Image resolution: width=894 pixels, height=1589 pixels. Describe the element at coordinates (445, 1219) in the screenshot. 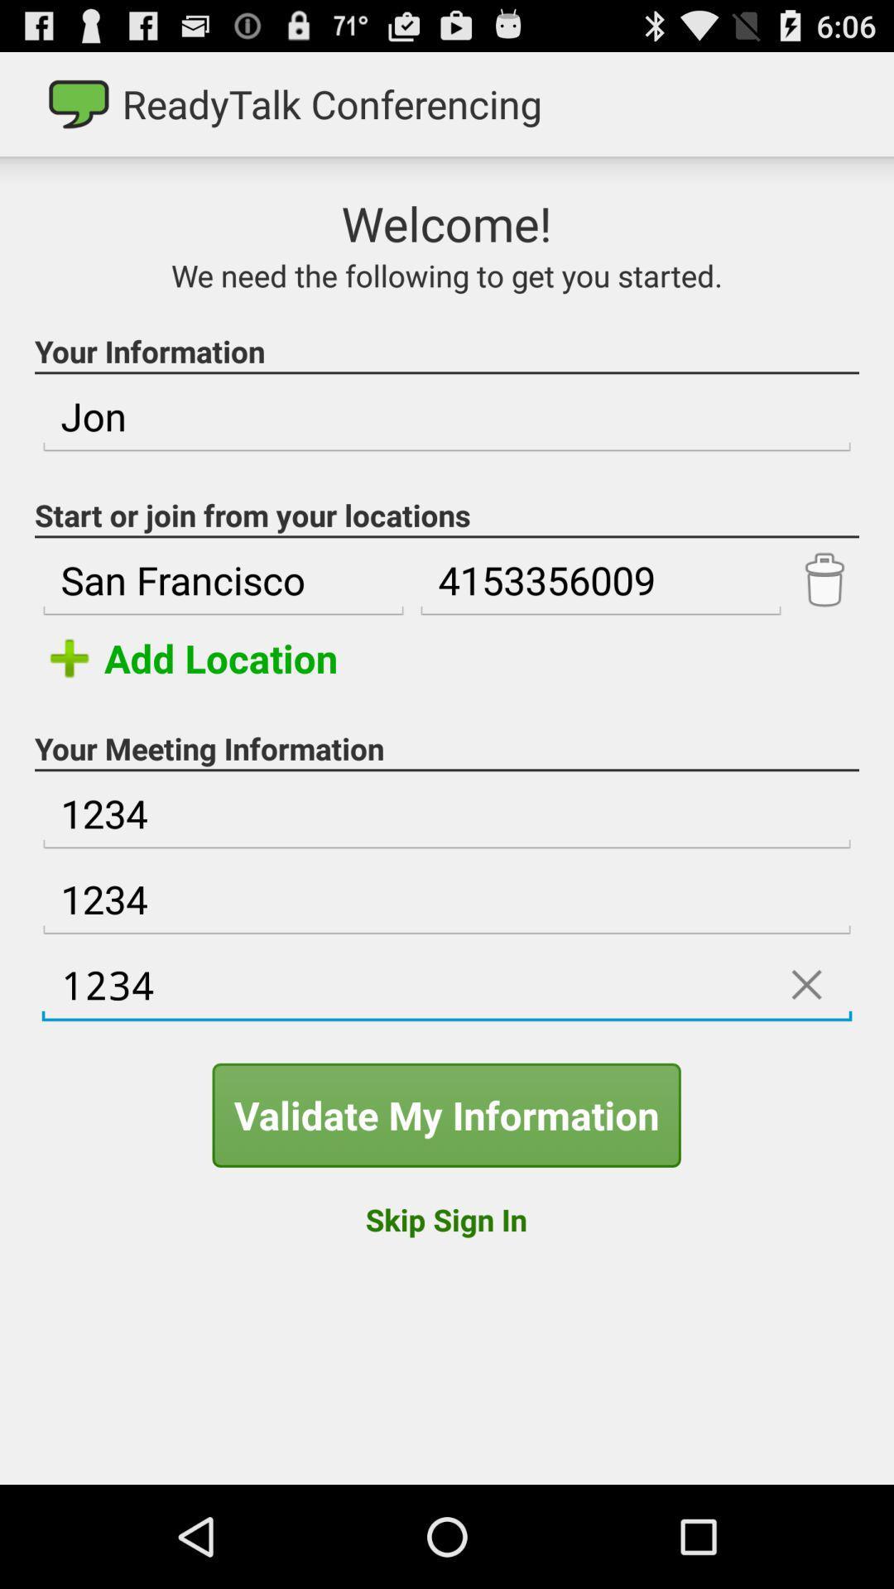

I see `the skip sign in button` at that location.